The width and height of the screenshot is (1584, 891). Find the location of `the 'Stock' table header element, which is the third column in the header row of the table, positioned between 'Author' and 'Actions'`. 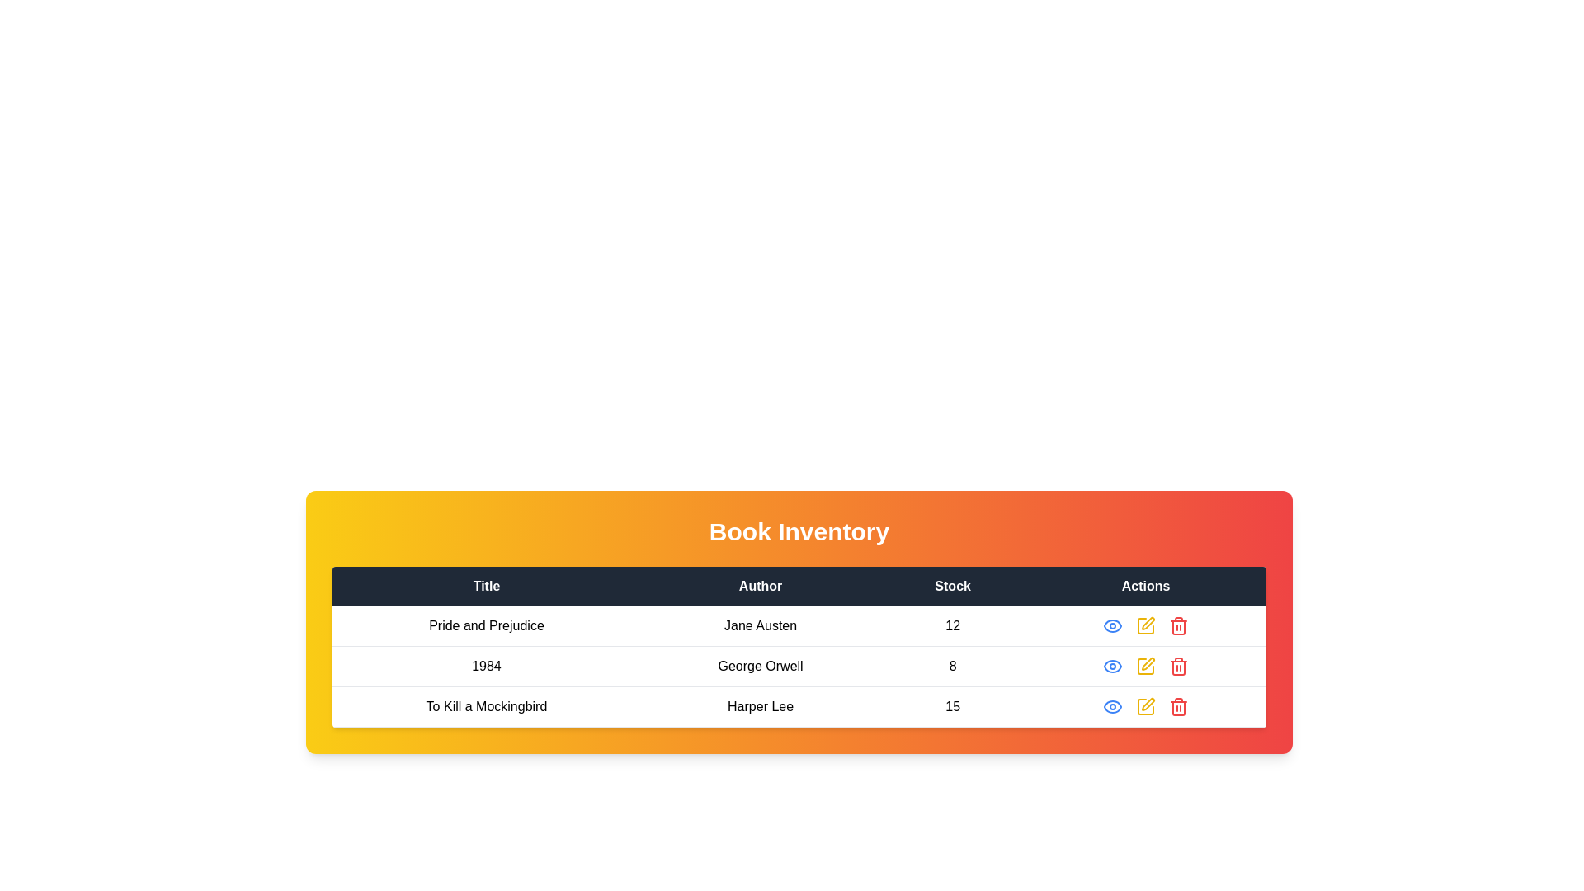

the 'Stock' table header element, which is the third column in the header row of the table, positioned between 'Author' and 'Actions' is located at coordinates (953, 585).